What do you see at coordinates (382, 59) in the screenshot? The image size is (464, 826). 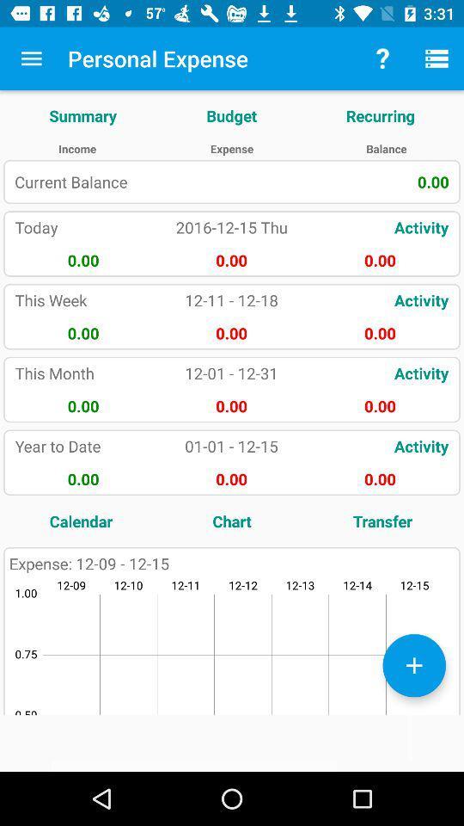 I see `item above recurring icon` at bounding box center [382, 59].